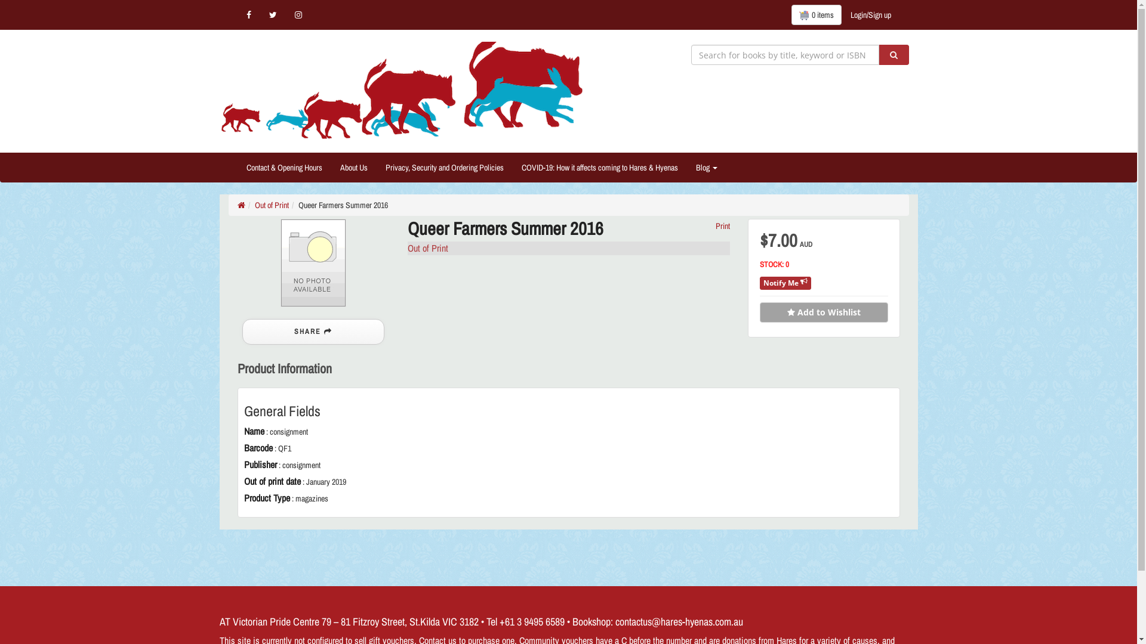 The image size is (1146, 644). Describe the element at coordinates (284, 168) in the screenshot. I see `'Contact & Opening Hours'` at that location.